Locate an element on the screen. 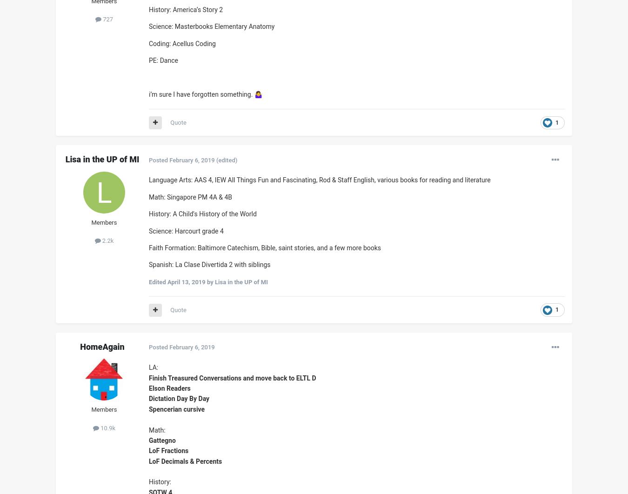  'LA:' is located at coordinates (148, 367).